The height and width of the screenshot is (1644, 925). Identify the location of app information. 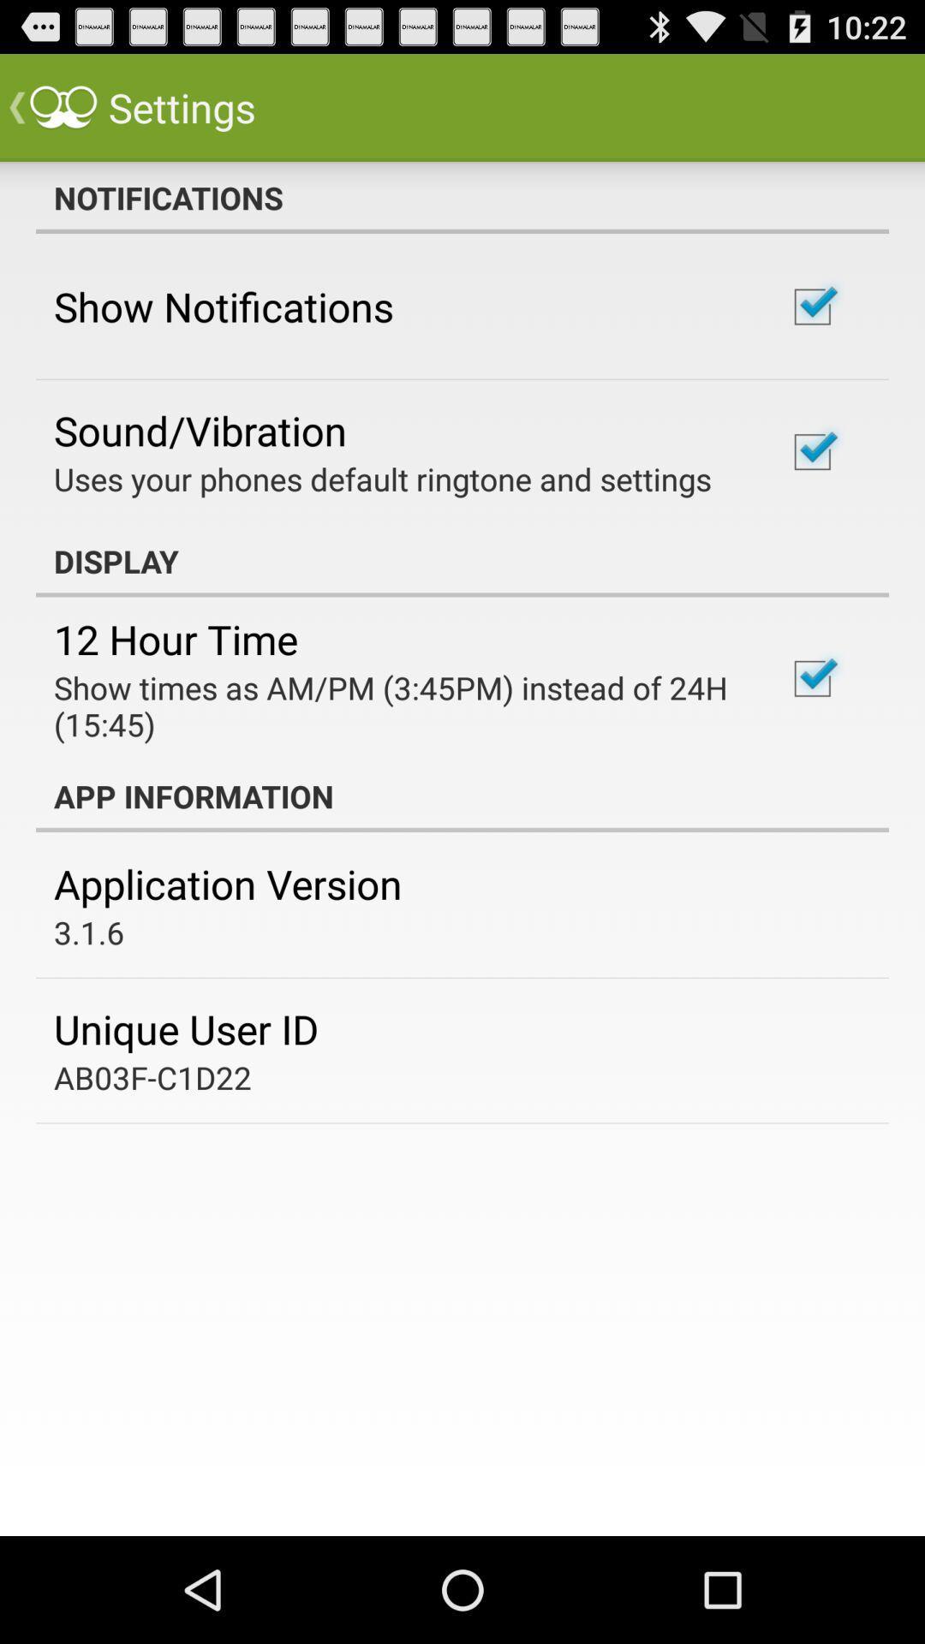
(462, 795).